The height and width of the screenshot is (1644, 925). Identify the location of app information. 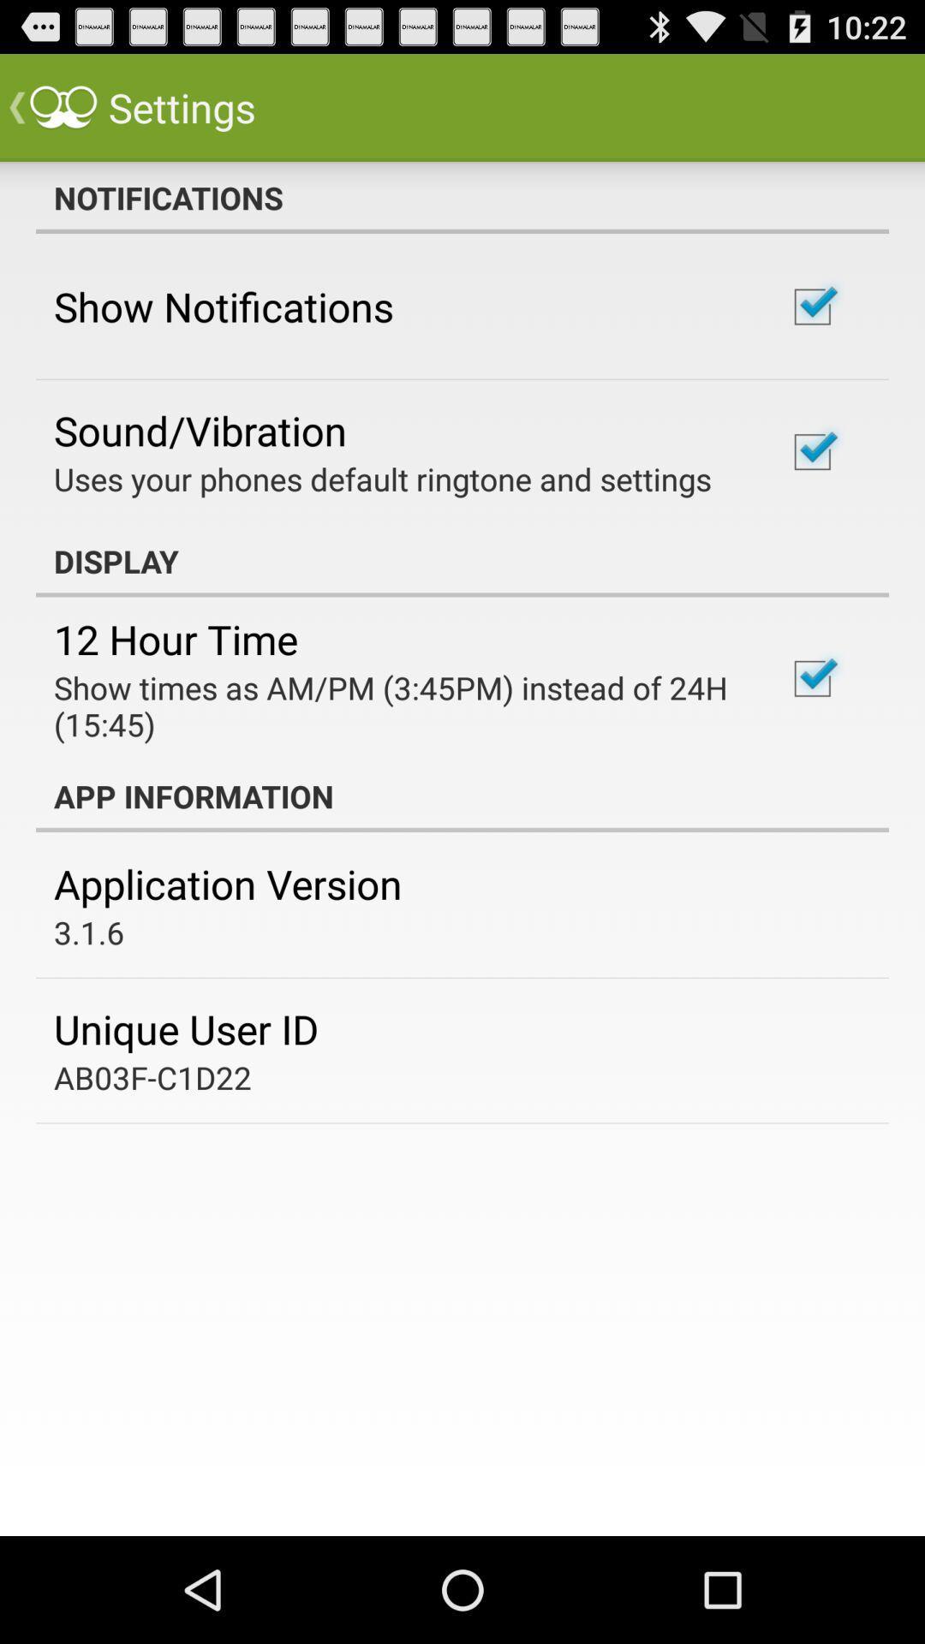
(462, 795).